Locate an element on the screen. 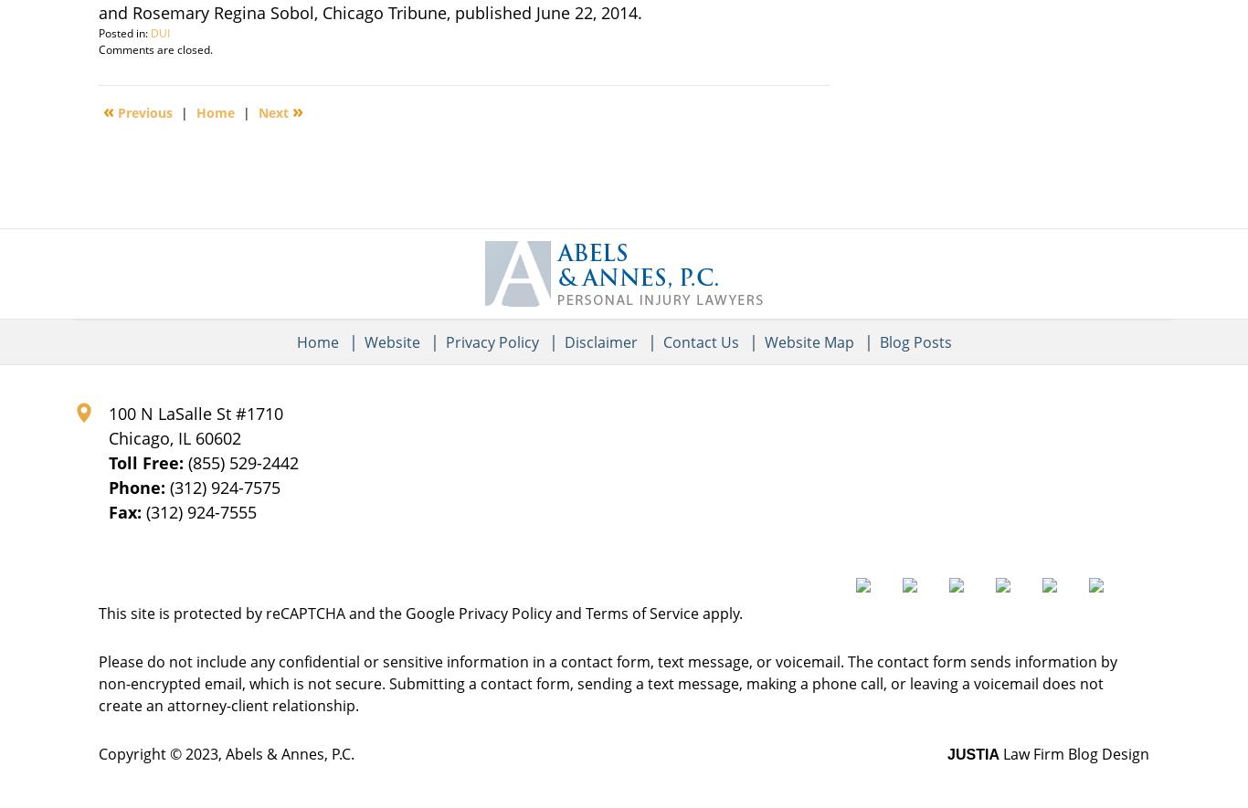 This screenshot has height=808, width=1248. 'Fax:' is located at coordinates (126, 510).